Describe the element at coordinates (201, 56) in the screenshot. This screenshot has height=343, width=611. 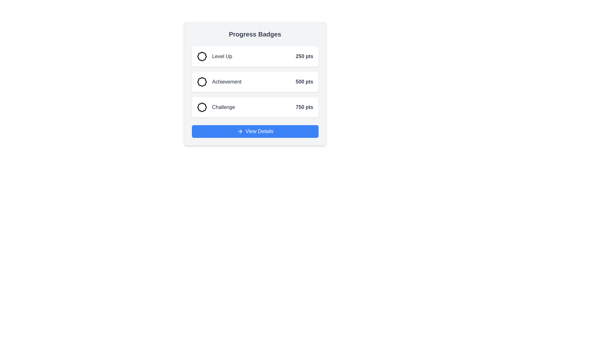
I see `the decorative 'Level Up' icon in the 'Progress Badges' section, which is located at the top-left corner of the 'Level Up' row, aligned with the 'Level Up' text on its right` at that location.